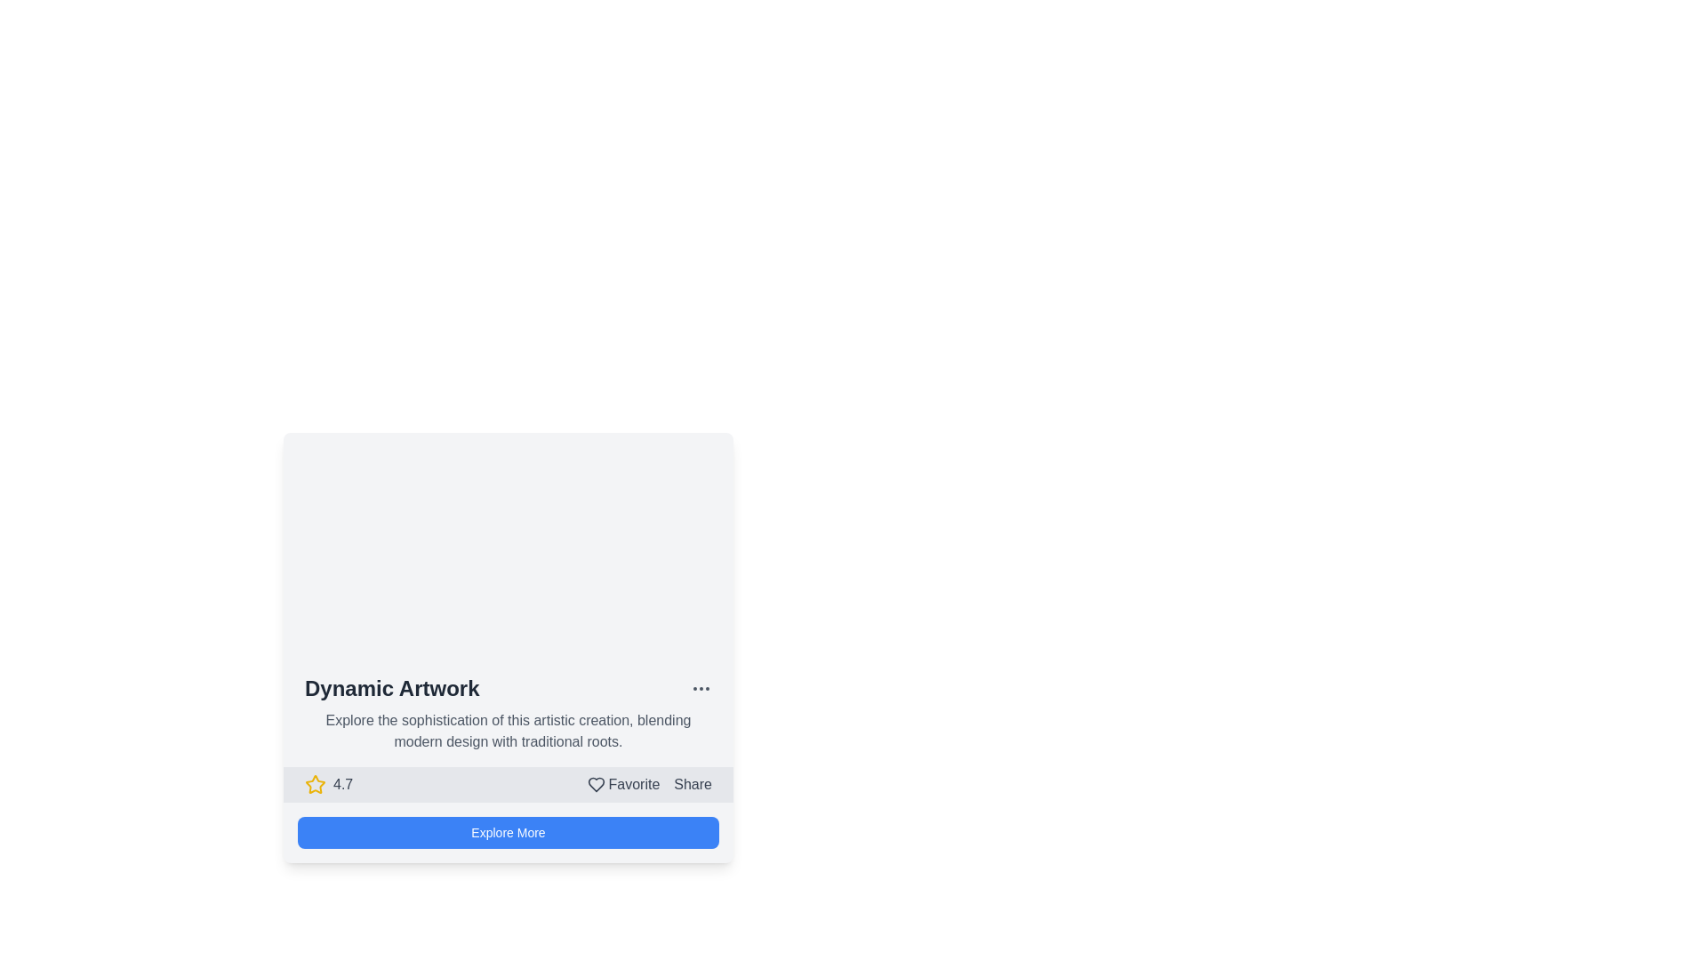 This screenshot has height=960, width=1707. I want to click on the 'Favorite' button located below the main content card, which is the first option in a horizontal layout alongside the 'Share' button, so click(623, 784).